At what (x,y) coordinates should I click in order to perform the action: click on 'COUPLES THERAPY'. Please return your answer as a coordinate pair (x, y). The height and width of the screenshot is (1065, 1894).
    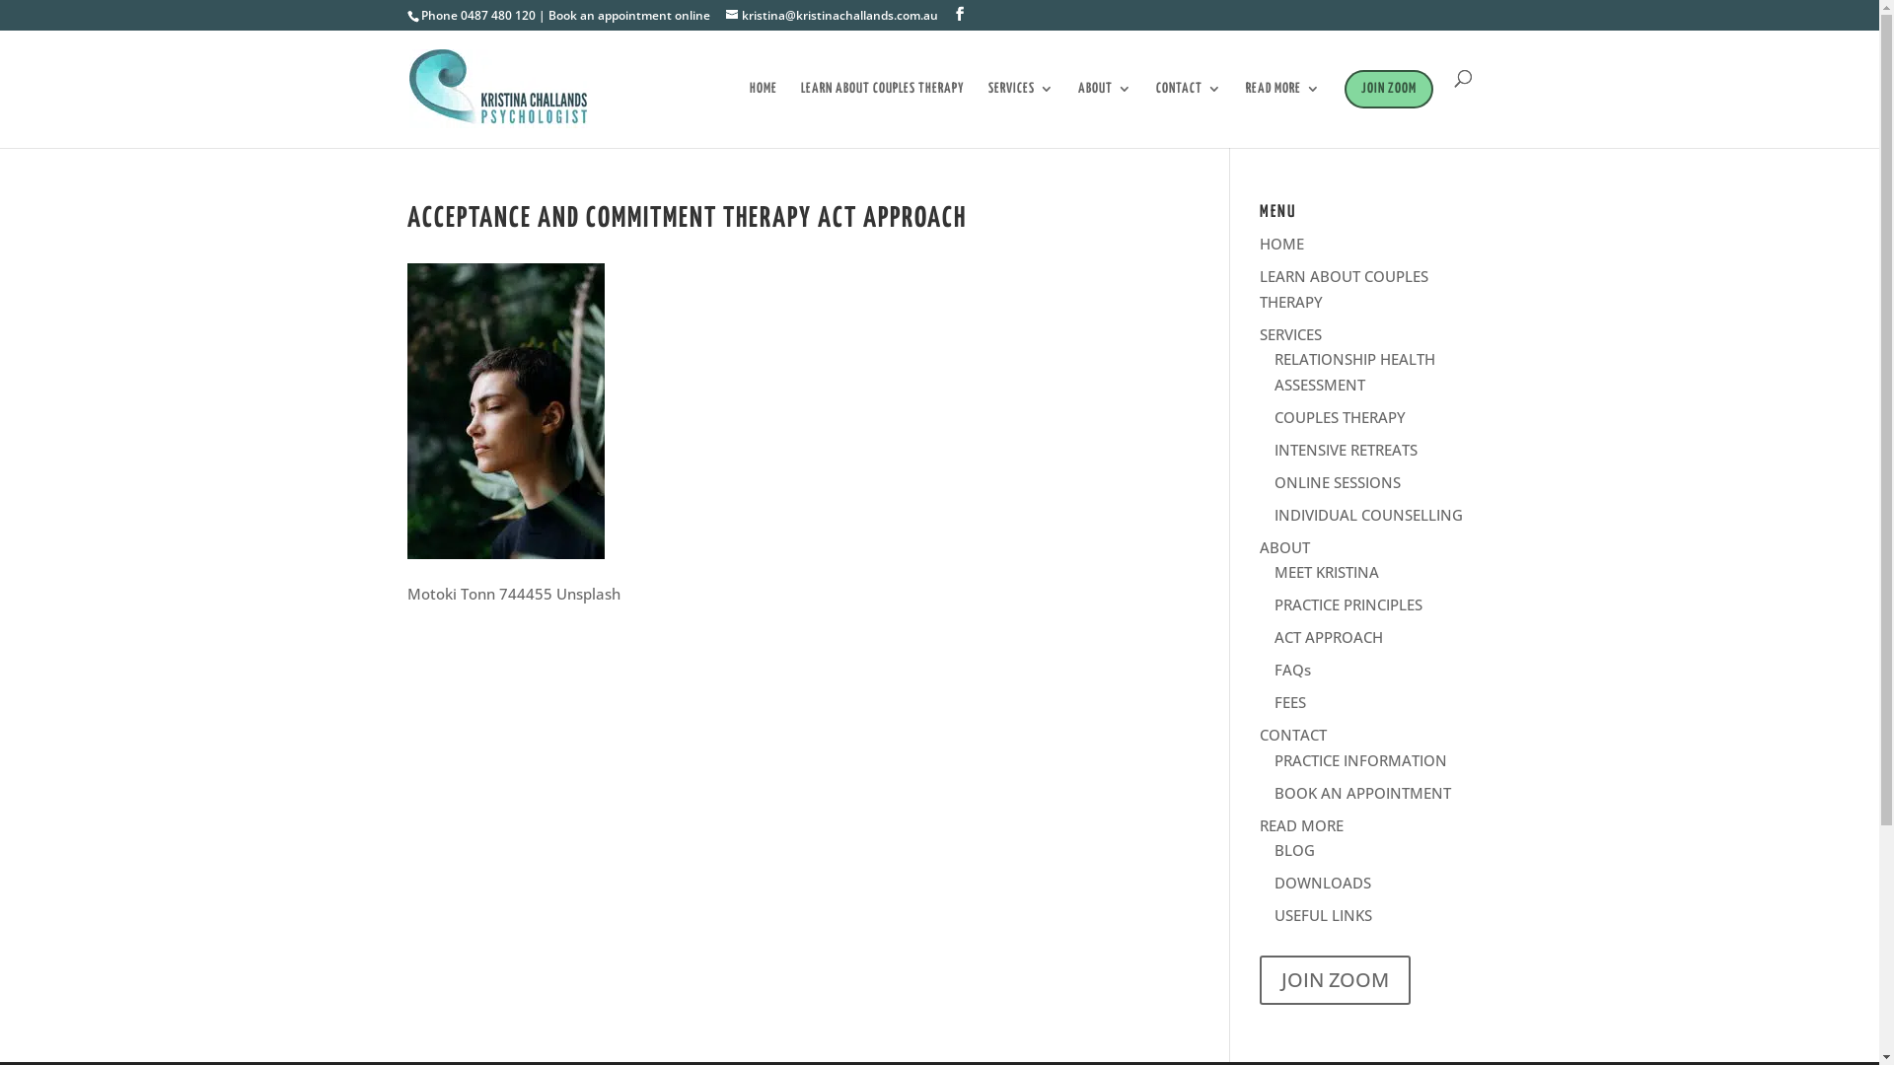
    Looking at the image, I should click on (1274, 414).